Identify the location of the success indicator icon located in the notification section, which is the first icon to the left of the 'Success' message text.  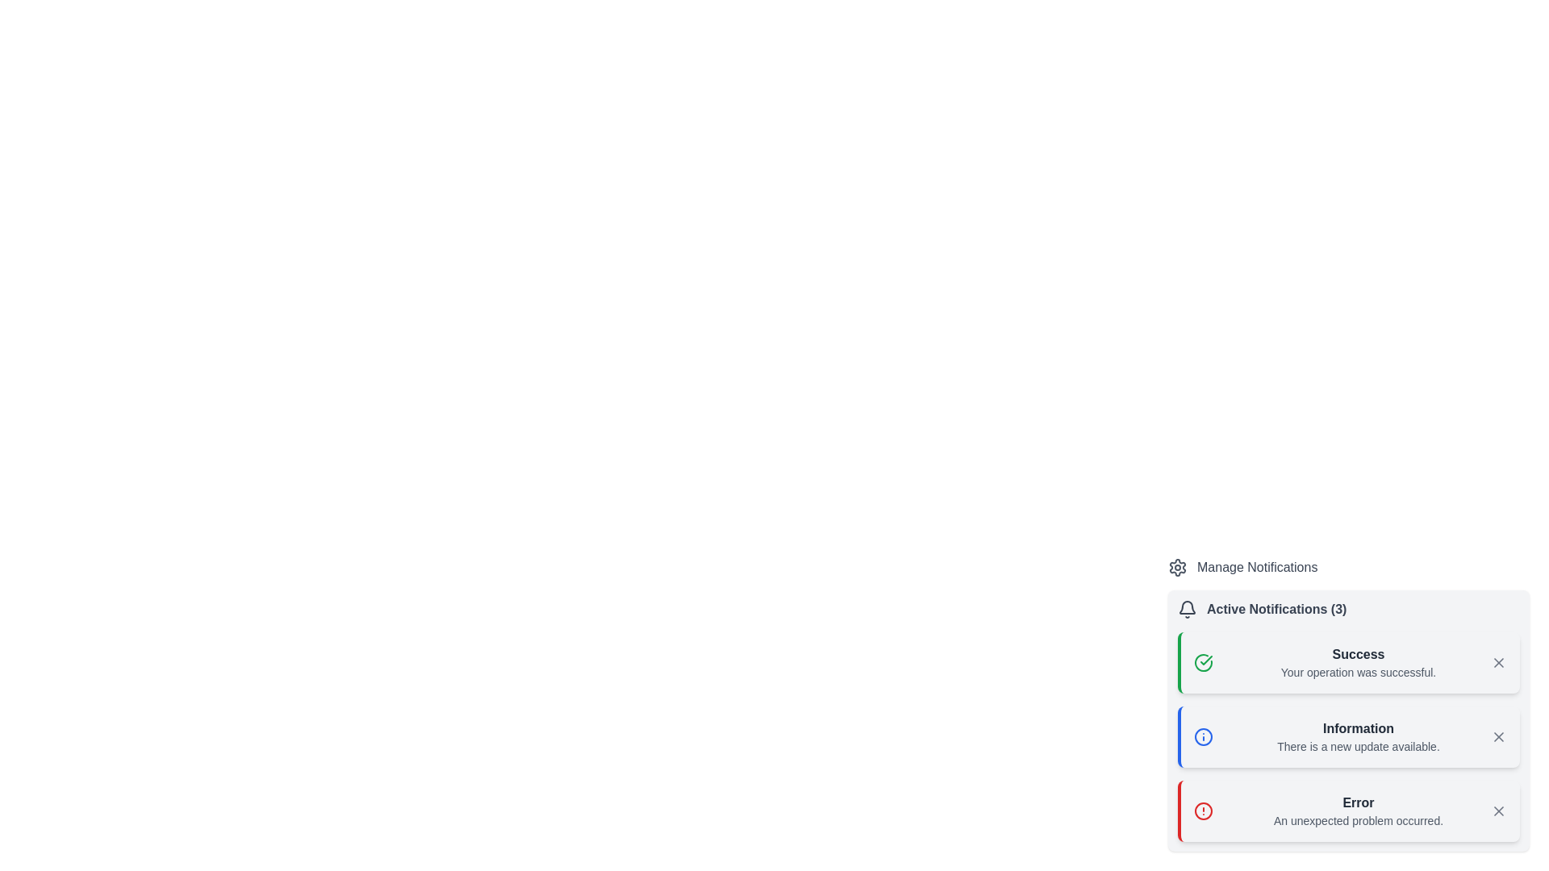
(1204, 662).